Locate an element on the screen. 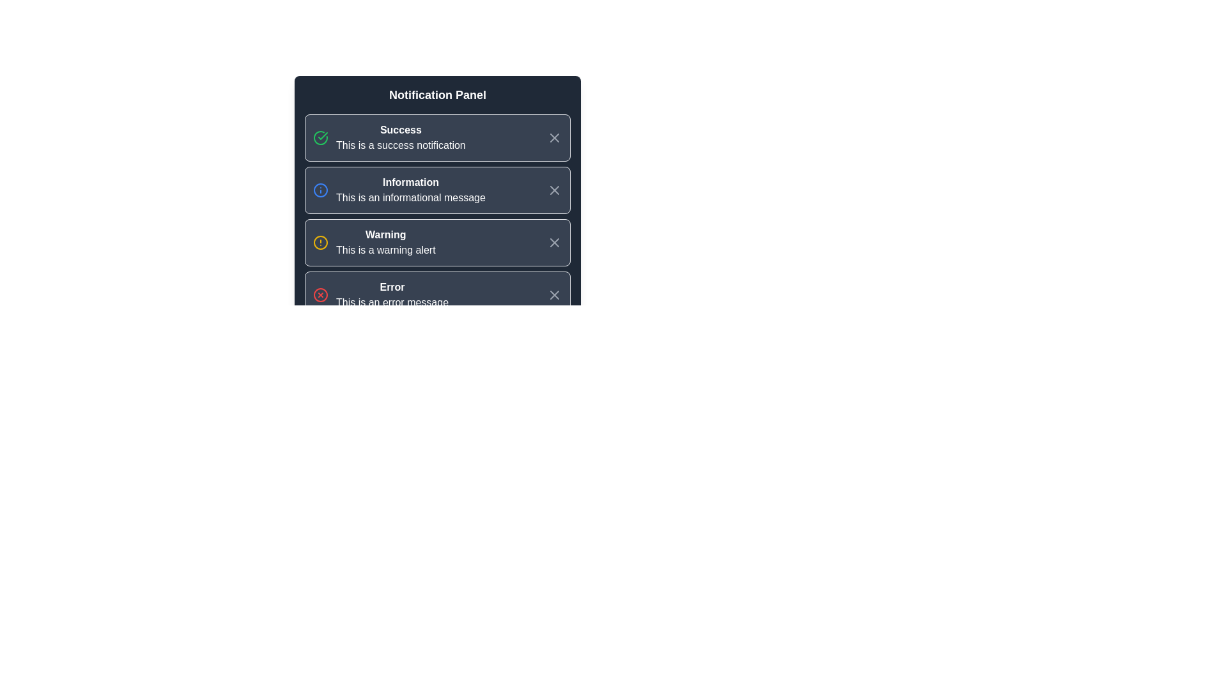  the text label that serves as the title or header of the notification panel, positioned at the top center of the panel is located at coordinates (438, 95).